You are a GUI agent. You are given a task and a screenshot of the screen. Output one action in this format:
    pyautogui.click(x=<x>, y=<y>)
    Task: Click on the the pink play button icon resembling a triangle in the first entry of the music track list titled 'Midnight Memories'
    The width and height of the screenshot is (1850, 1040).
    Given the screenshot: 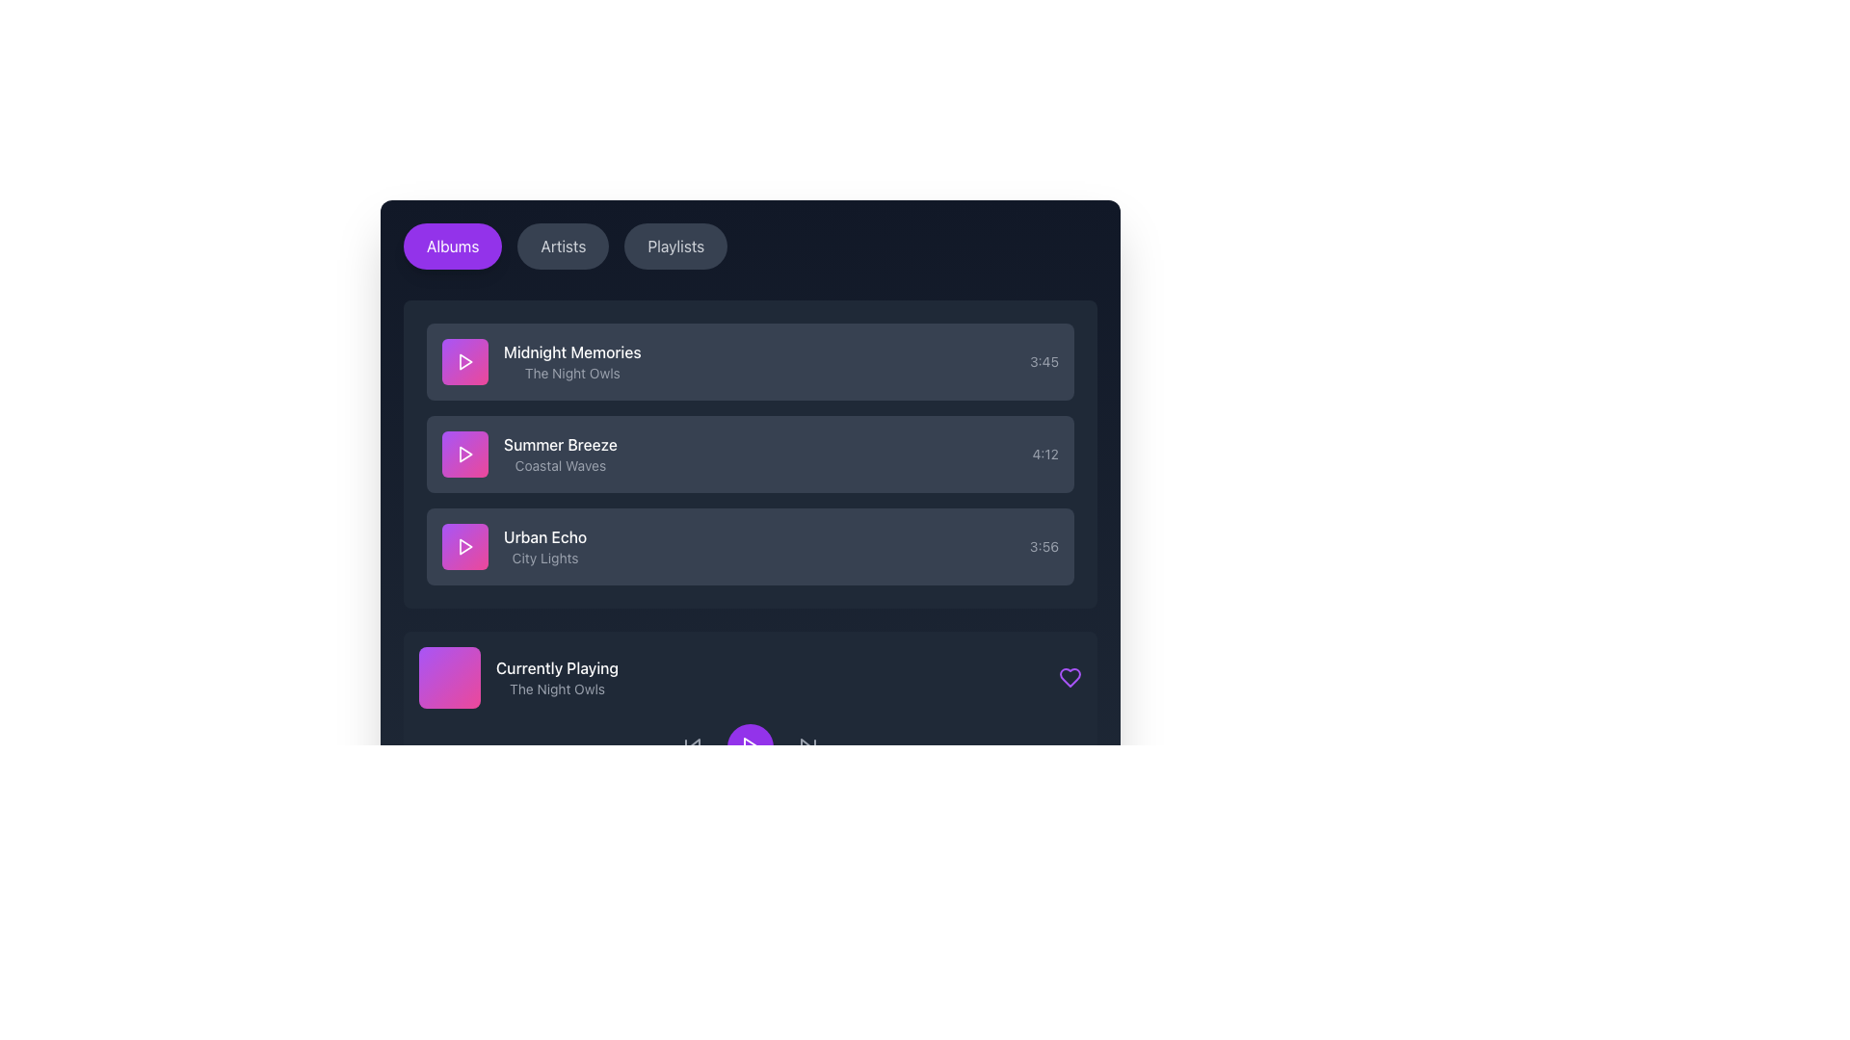 What is the action you would take?
    pyautogui.click(x=465, y=361)
    